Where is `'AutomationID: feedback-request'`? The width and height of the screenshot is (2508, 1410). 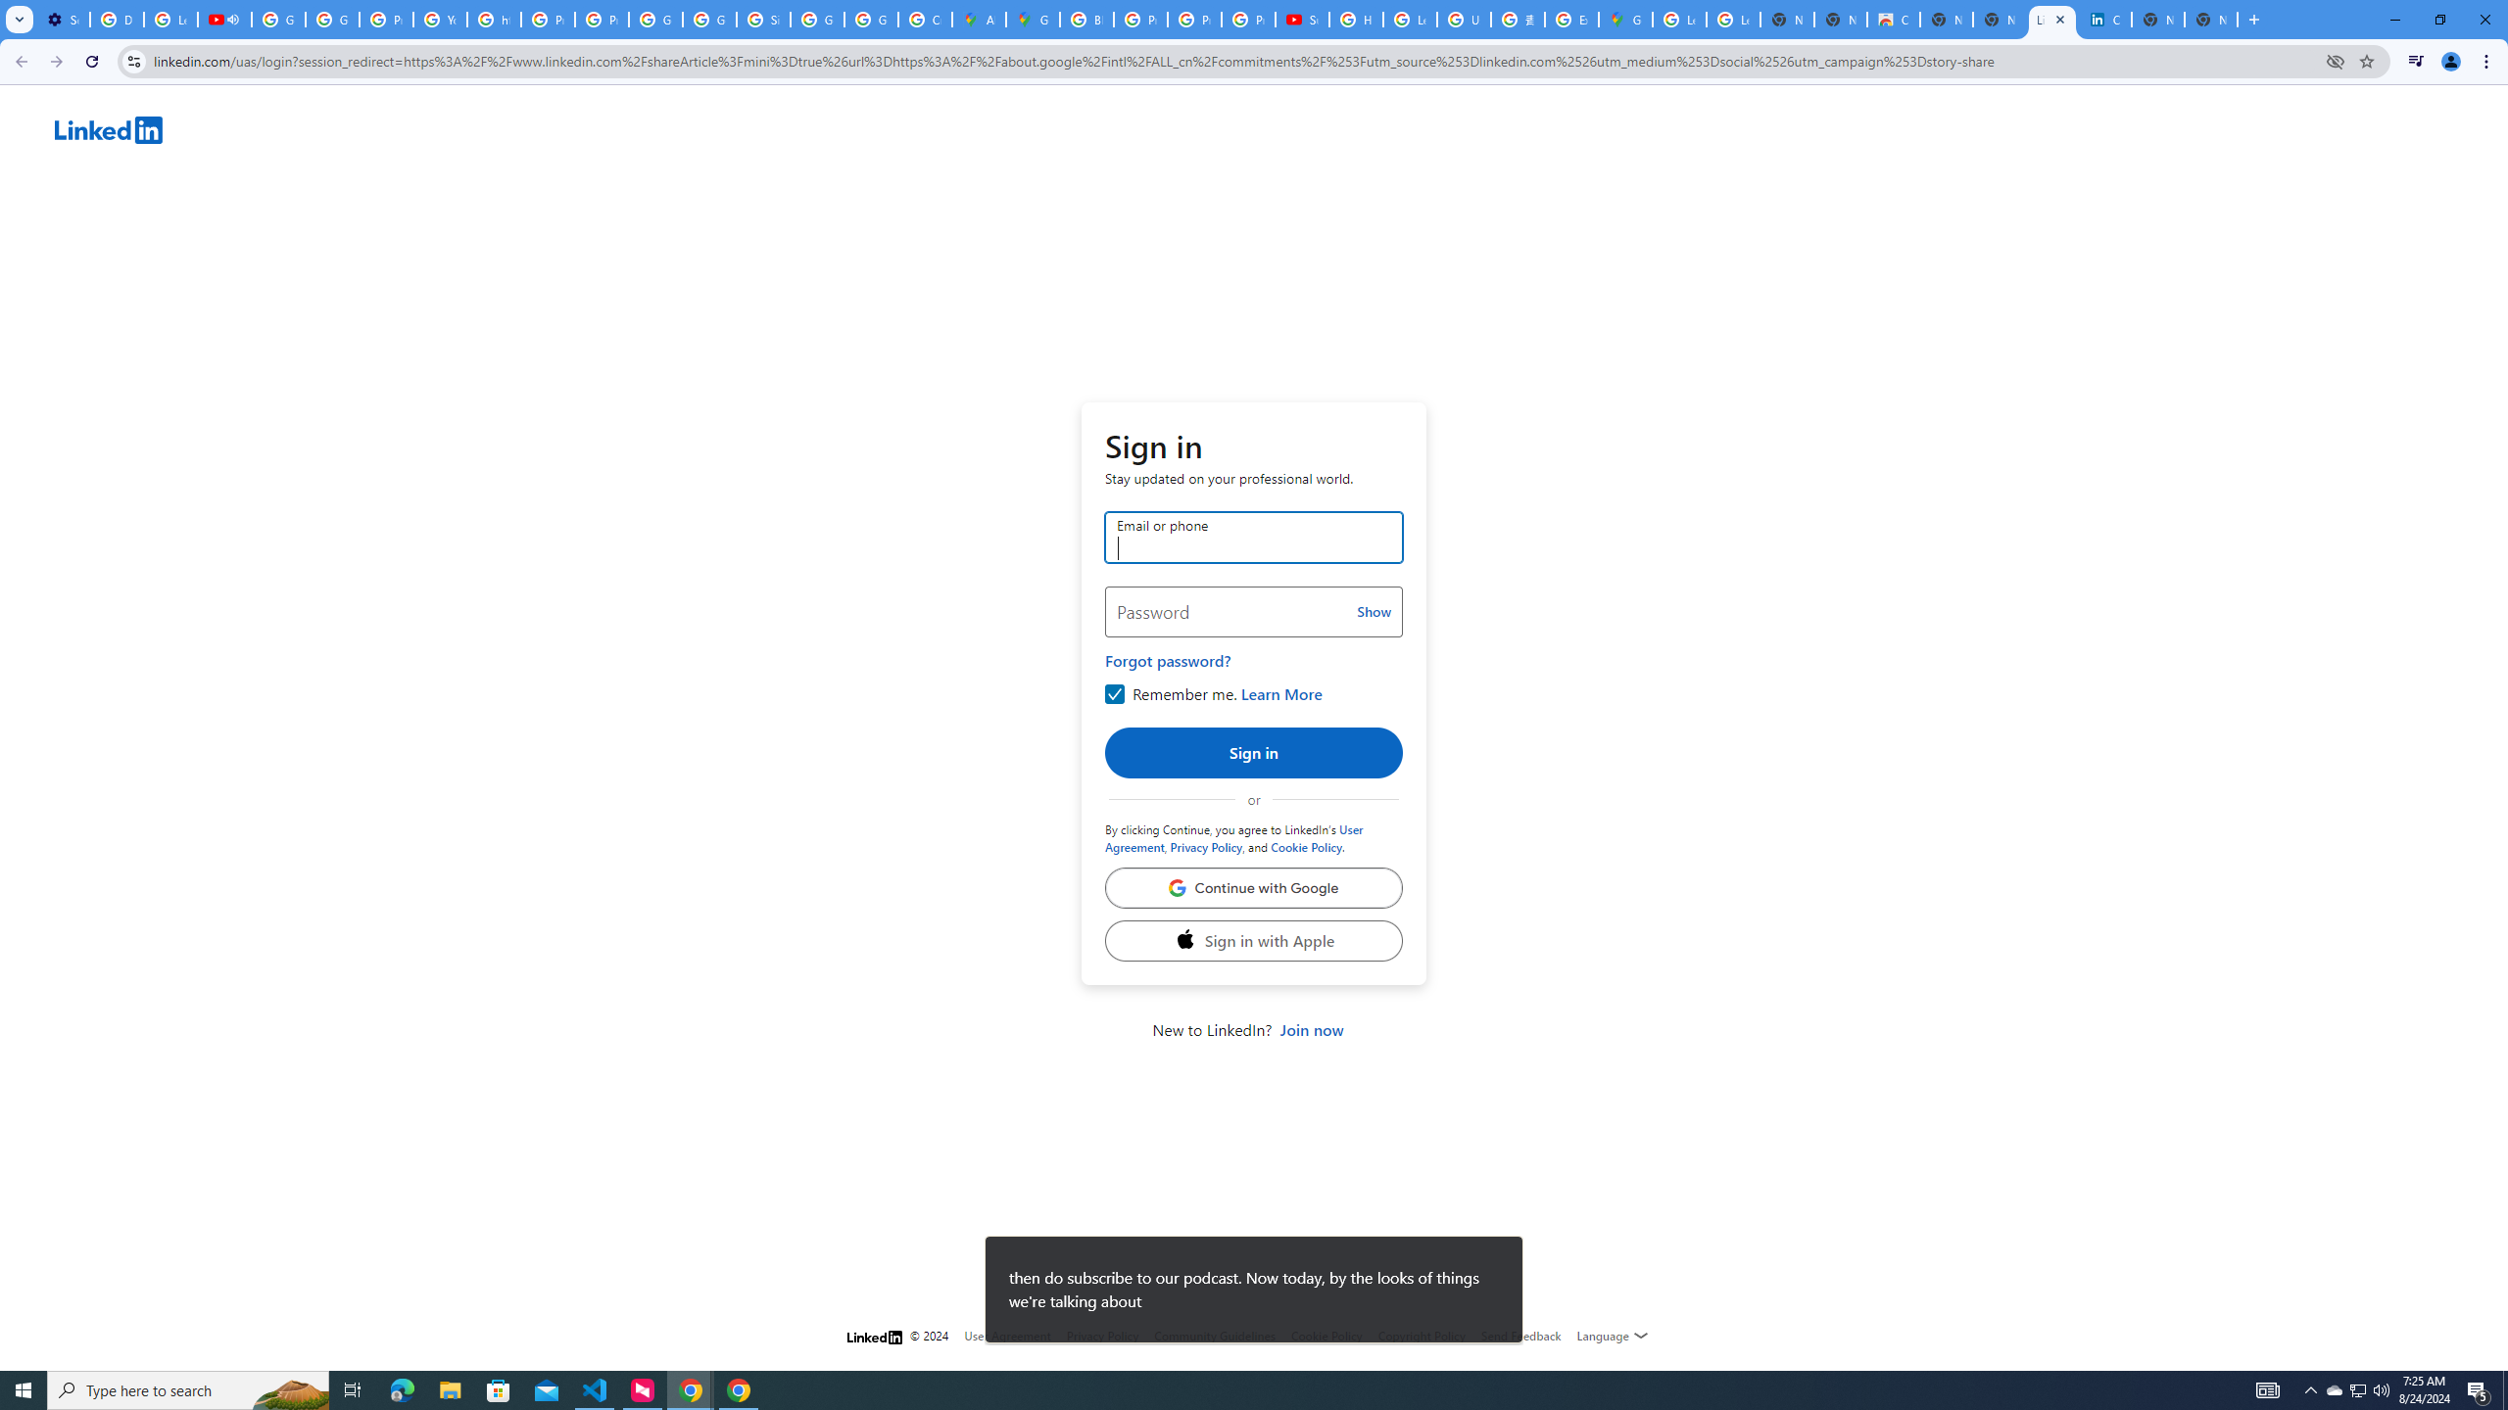 'AutomationID: feedback-request' is located at coordinates (1520, 1335).